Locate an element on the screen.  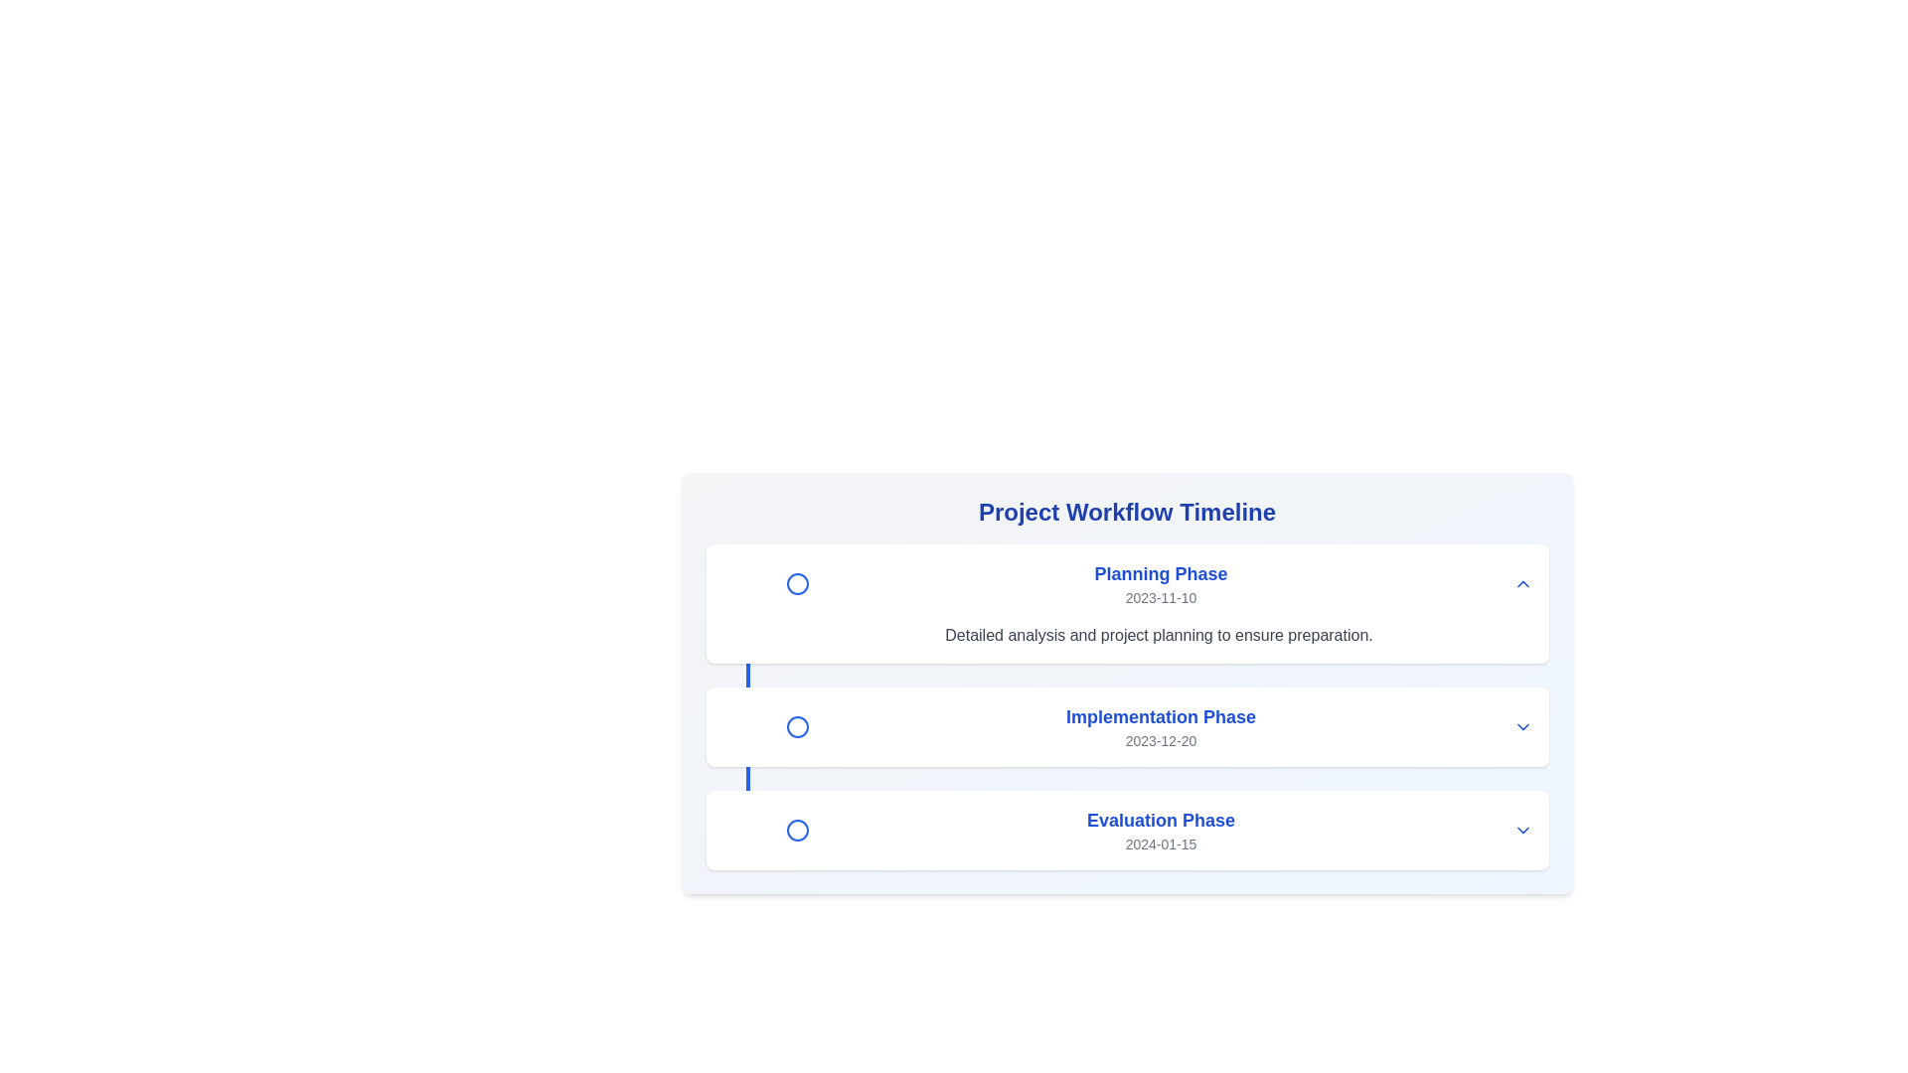
the circular graphical icon filled with blue color along the border and a white center, located next to the 'Implementation Phase' label in the timeline structure is located at coordinates (797, 727).